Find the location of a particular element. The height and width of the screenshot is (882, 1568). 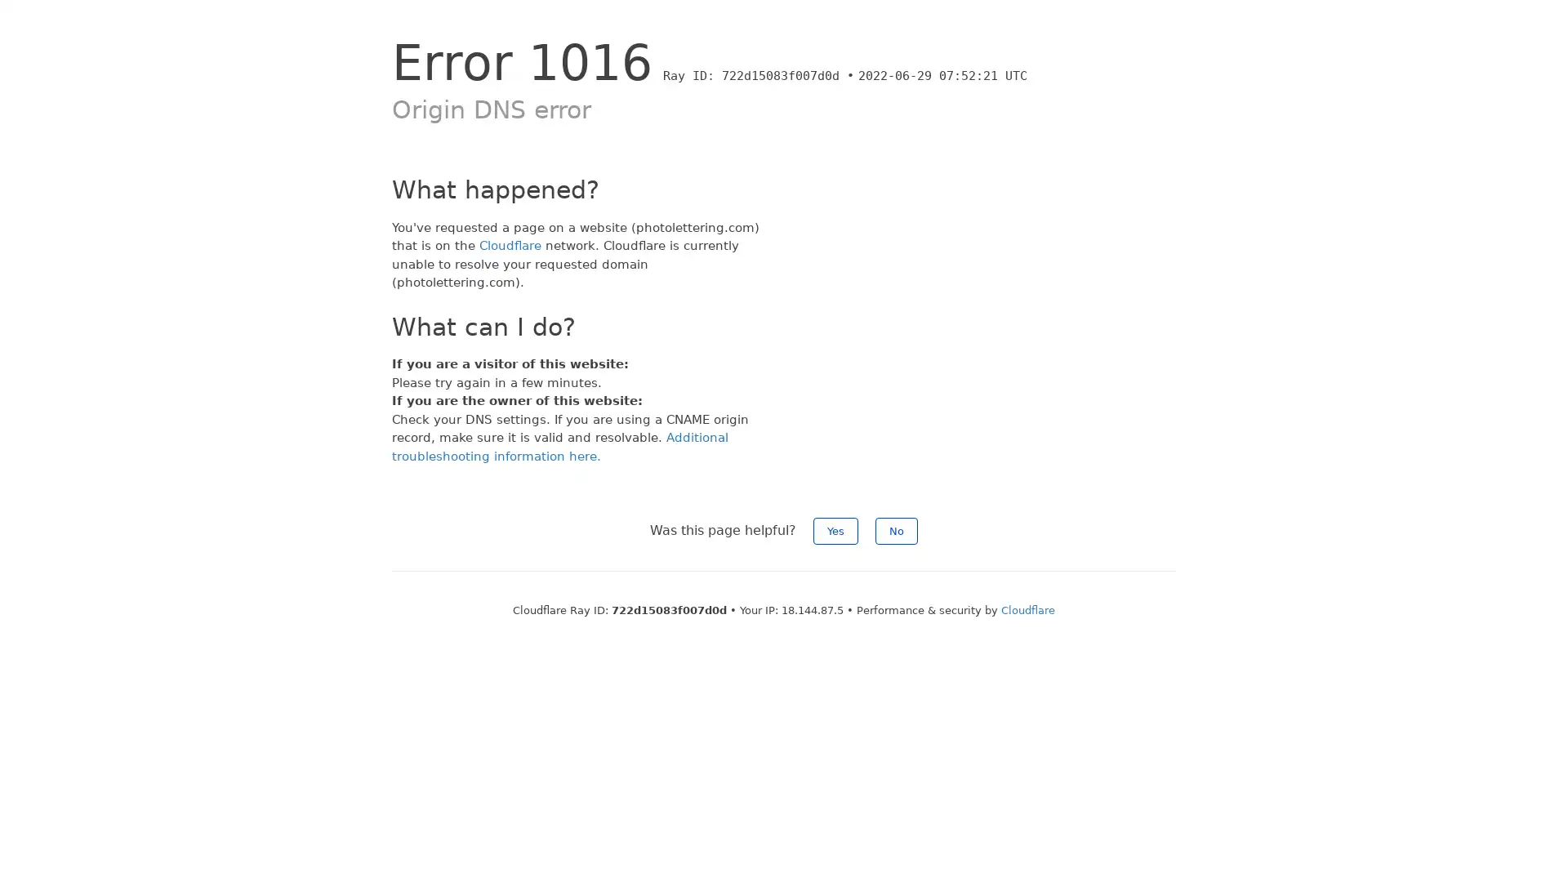

No is located at coordinates (896, 531).